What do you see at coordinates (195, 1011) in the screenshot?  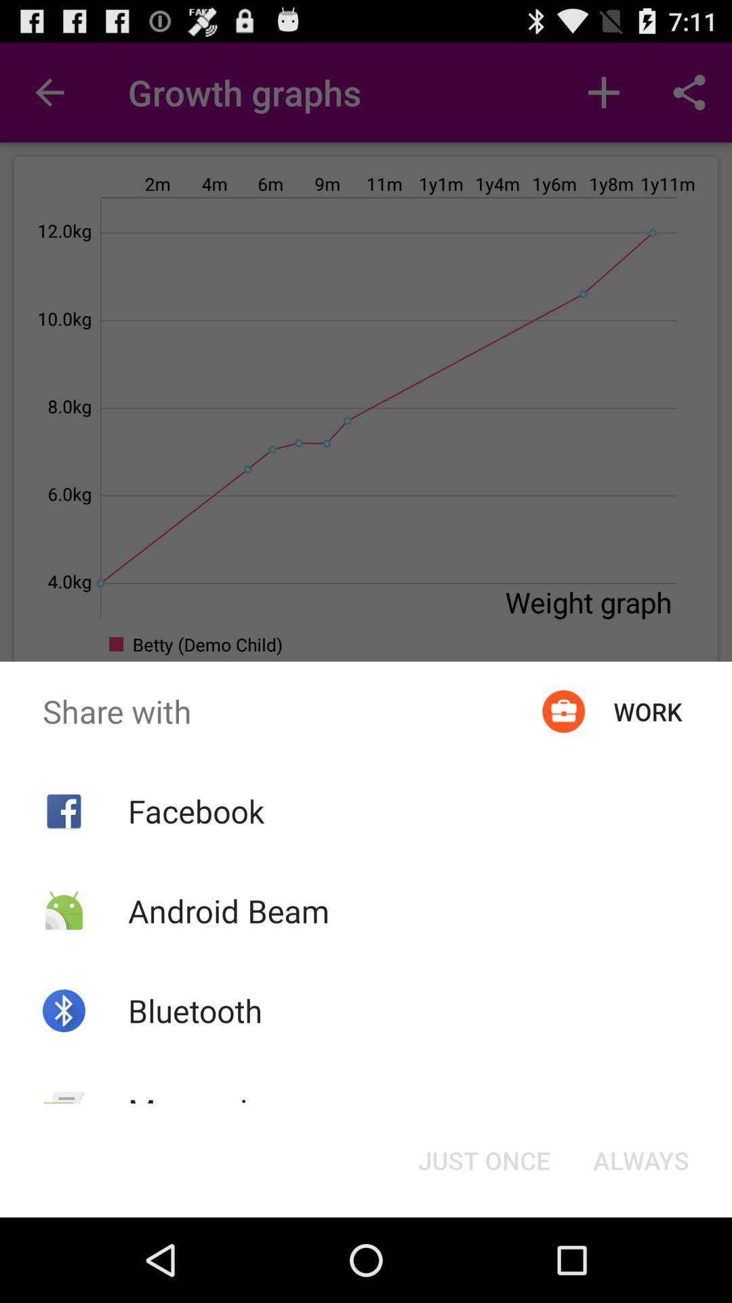 I see `the bluetooth` at bounding box center [195, 1011].